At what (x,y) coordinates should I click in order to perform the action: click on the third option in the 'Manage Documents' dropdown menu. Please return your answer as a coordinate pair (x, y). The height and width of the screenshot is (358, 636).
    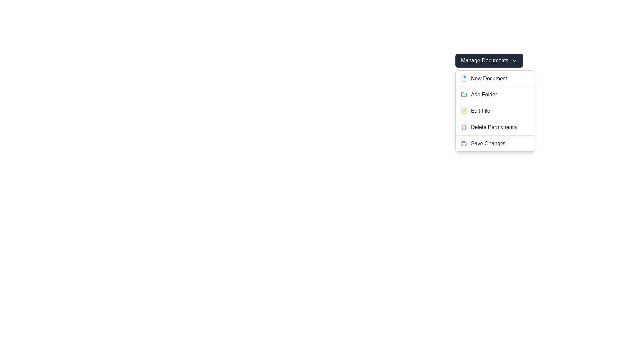
    Looking at the image, I should click on (495, 110).